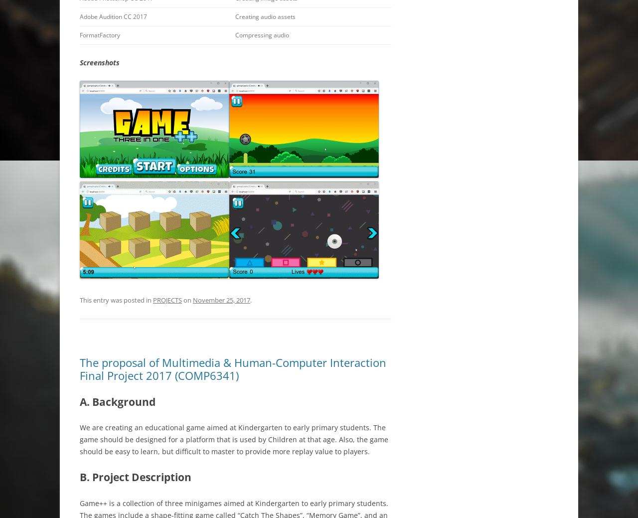 Image resolution: width=638 pixels, height=518 pixels. I want to click on 'on', so click(187, 300).